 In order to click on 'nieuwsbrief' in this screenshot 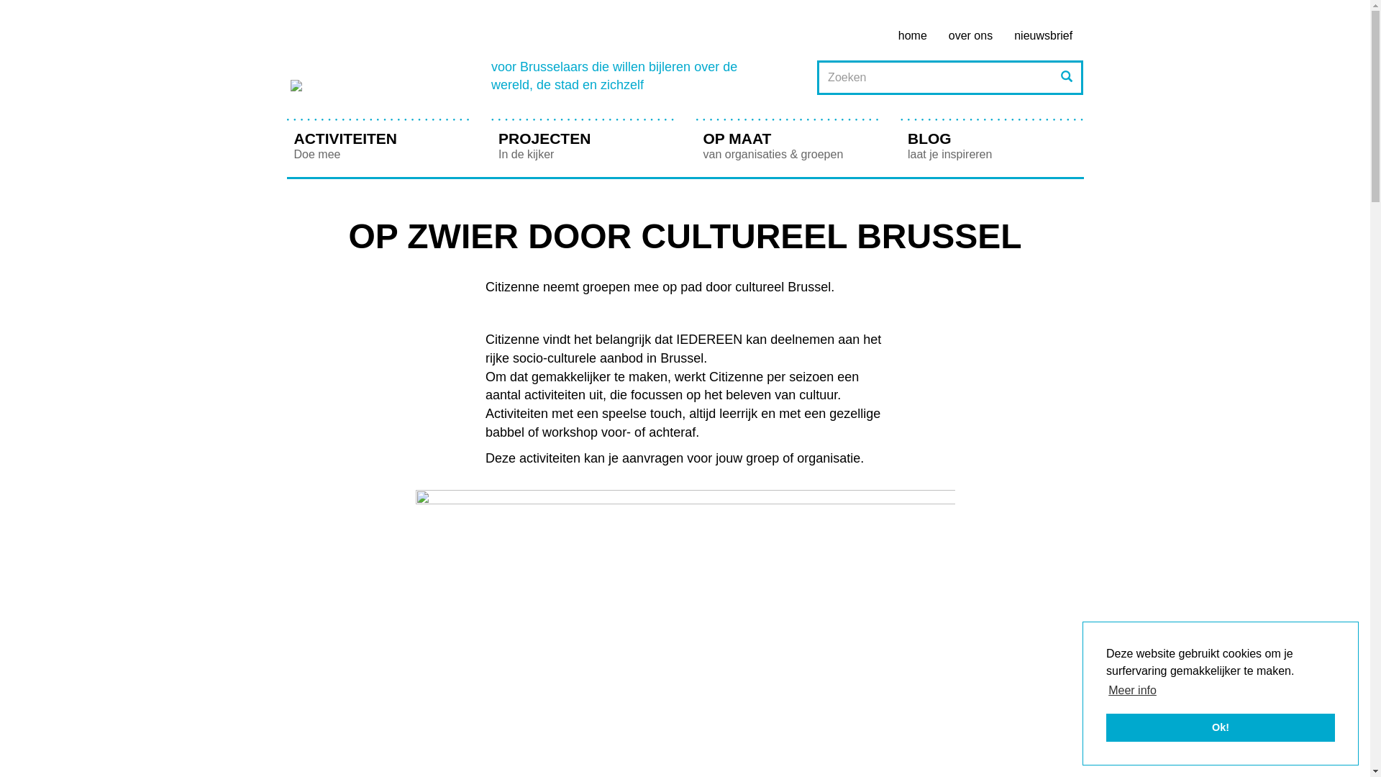, I will do `click(1043, 35)`.